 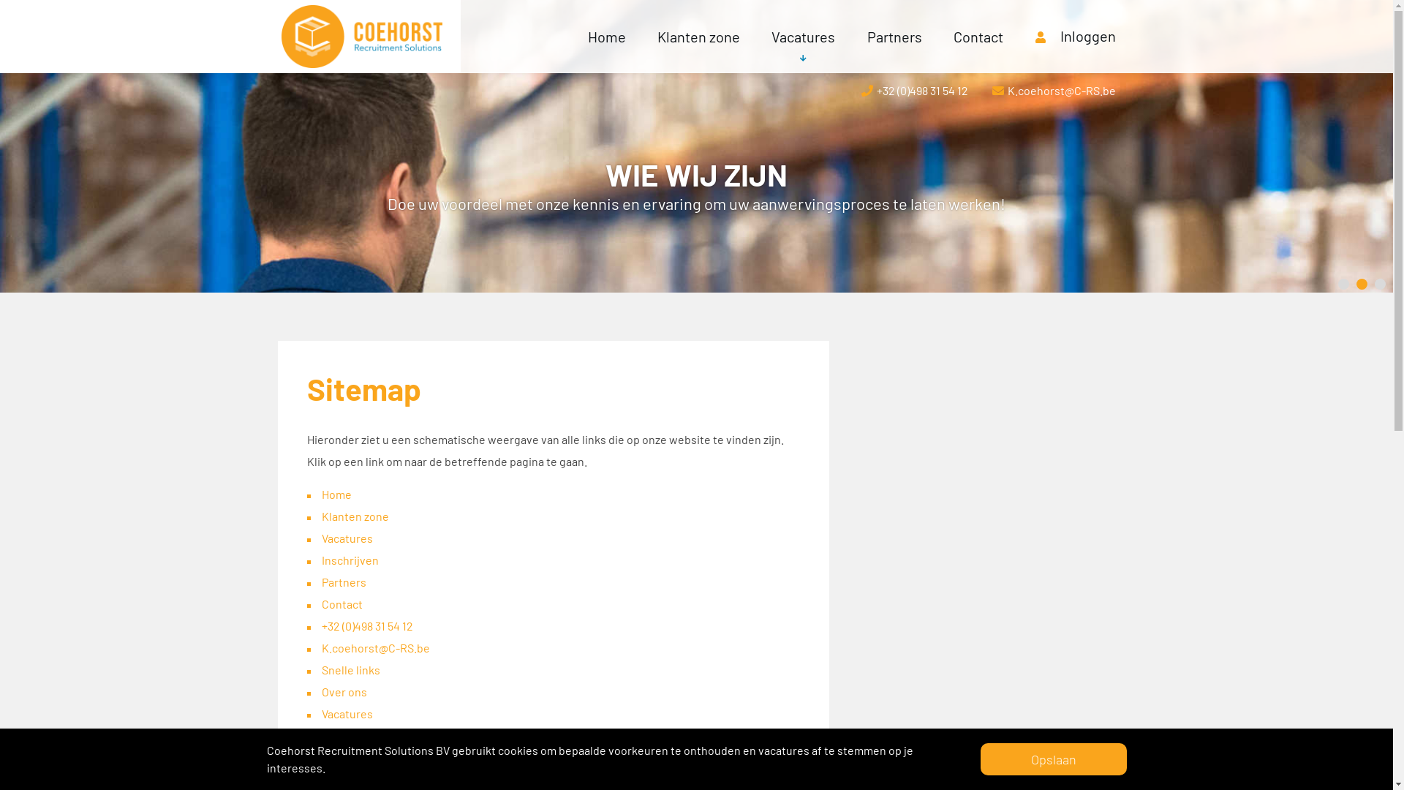 I want to click on 'Vacatures', so click(x=755, y=36).